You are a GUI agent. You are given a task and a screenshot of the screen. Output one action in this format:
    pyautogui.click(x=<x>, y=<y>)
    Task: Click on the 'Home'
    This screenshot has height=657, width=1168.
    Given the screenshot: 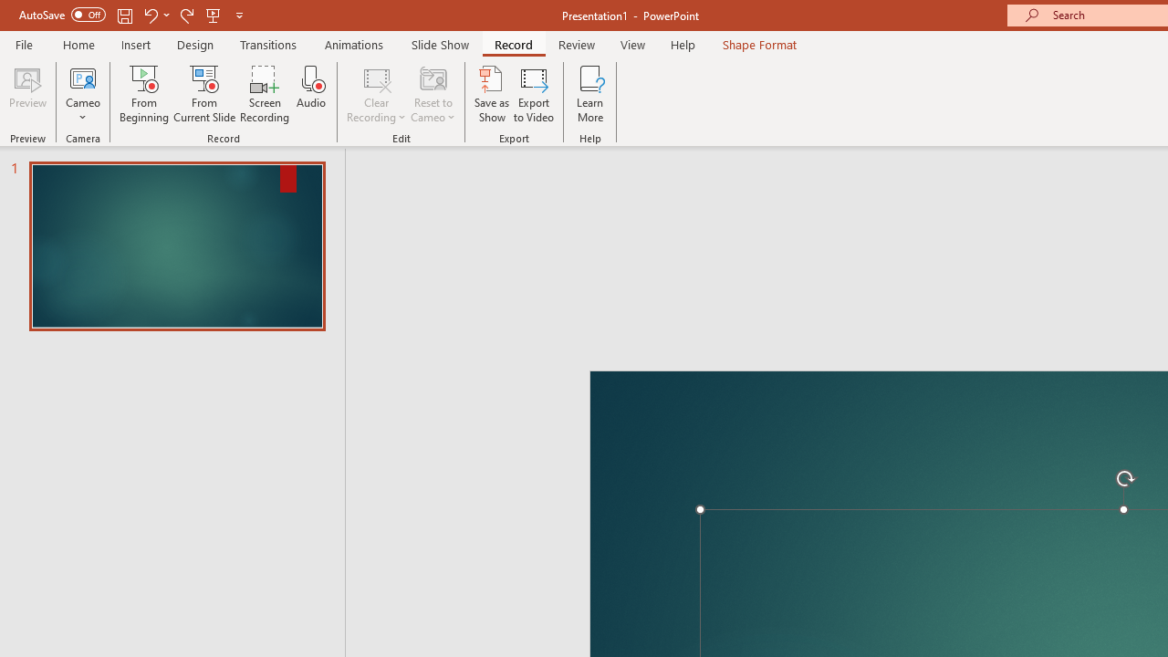 What is the action you would take?
    pyautogui.click(x=78, y=44)
    